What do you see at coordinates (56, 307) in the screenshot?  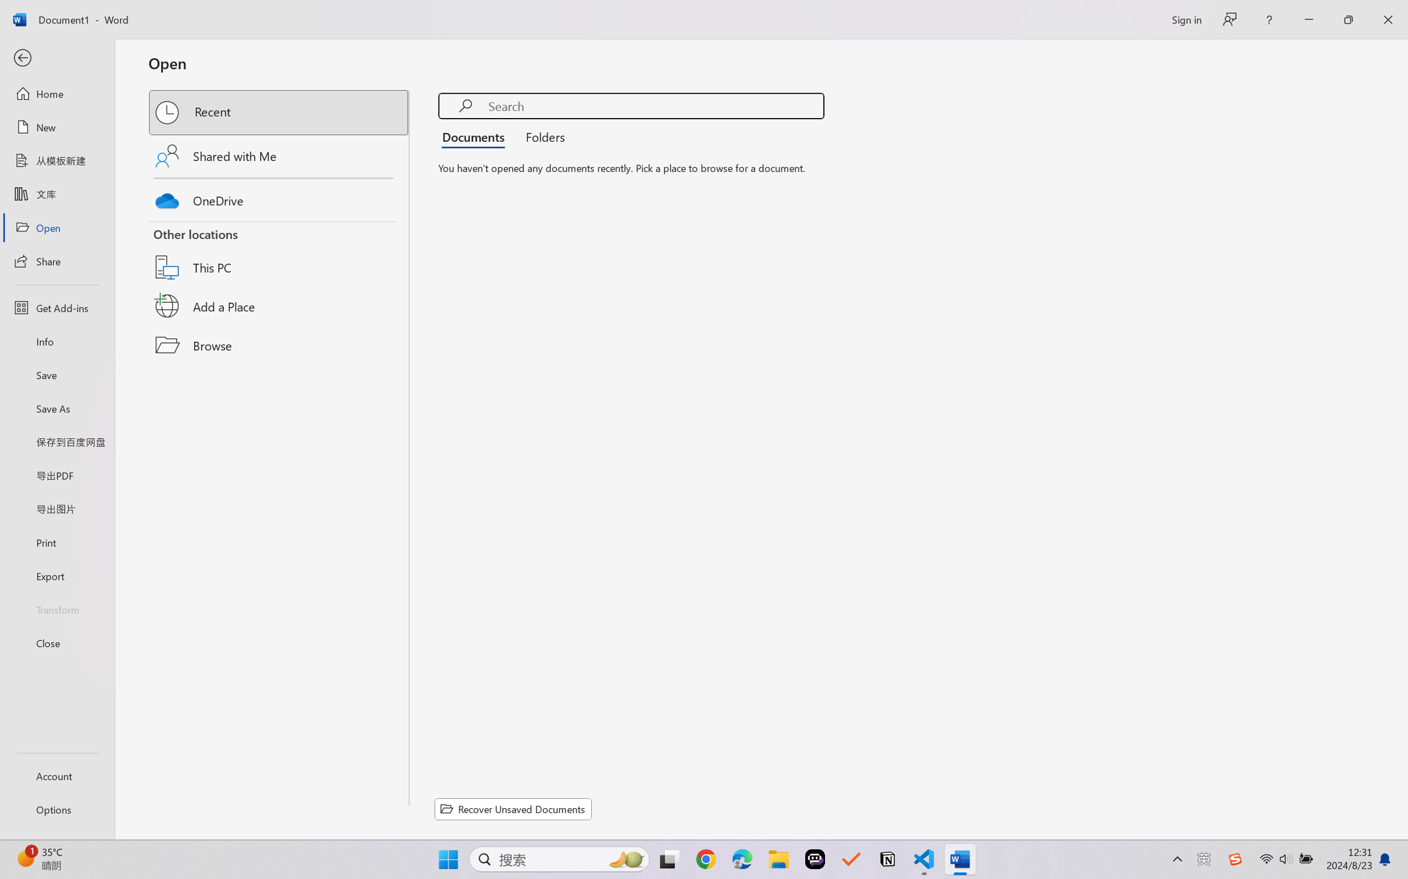 I see `'Get Add-ins'` at bounding box center [56, 307].